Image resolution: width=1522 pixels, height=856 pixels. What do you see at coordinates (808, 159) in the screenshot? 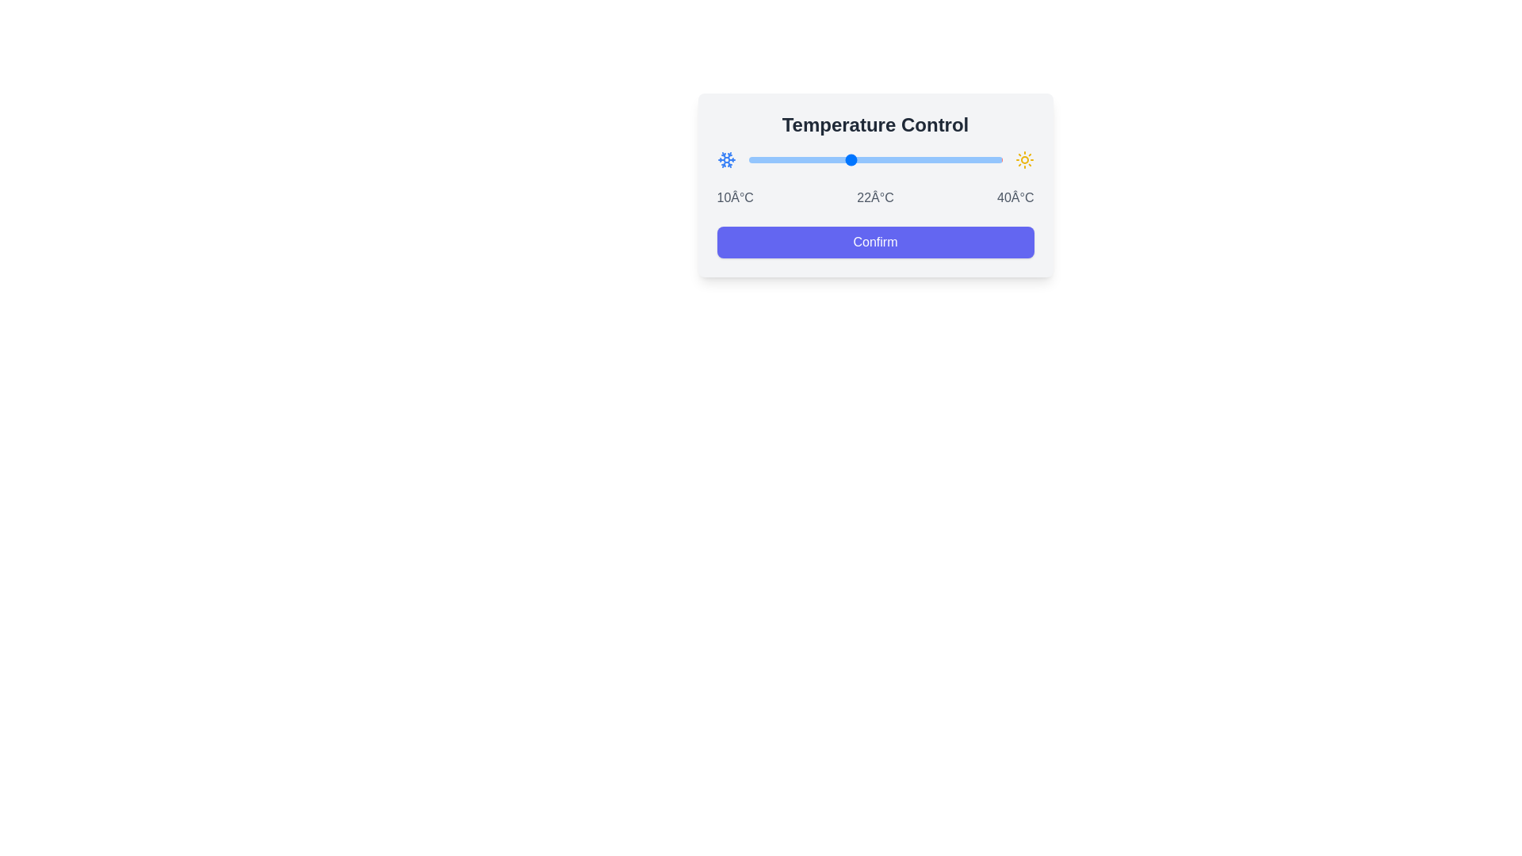
I see `the temperature slider to set the temperature to 17°C` at bounding box center [808, 159].